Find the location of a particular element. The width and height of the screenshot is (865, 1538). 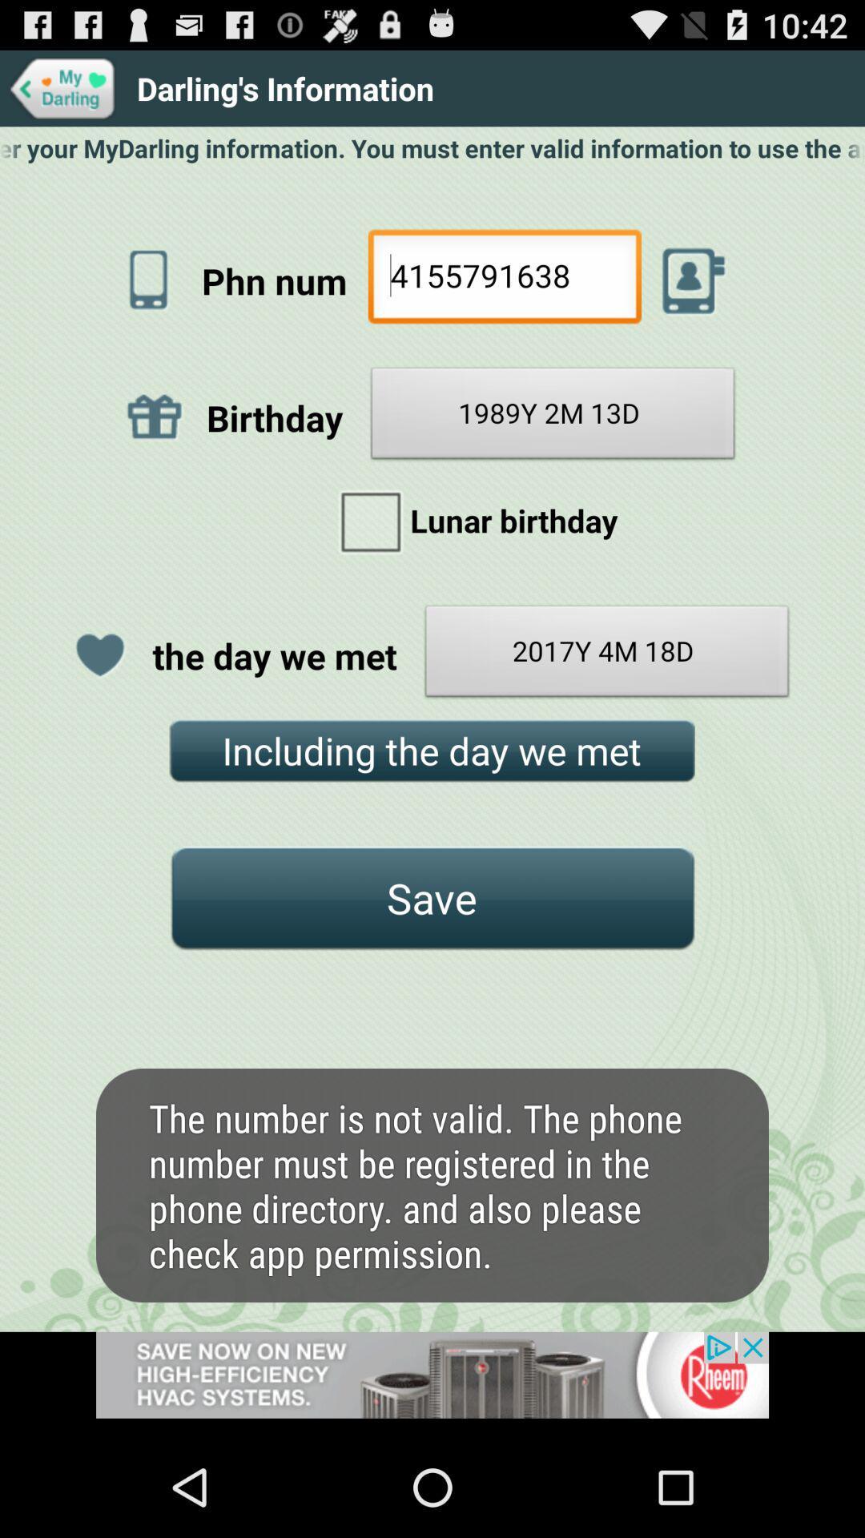

home page is located at coordinates (62, 87).